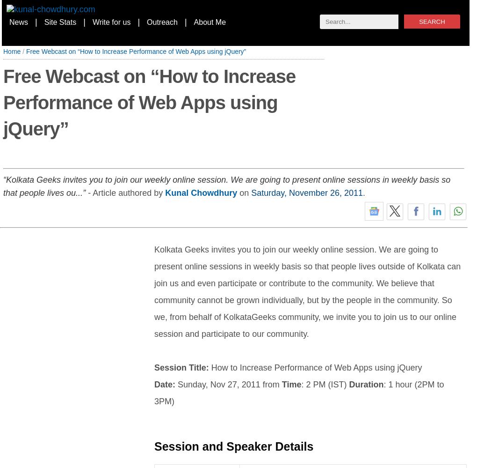 The image size is (477, 468). What do you see at coordinates (60, 22) in the screenshot?
I see `'Site Stats'` at bounding box center [60, 22].